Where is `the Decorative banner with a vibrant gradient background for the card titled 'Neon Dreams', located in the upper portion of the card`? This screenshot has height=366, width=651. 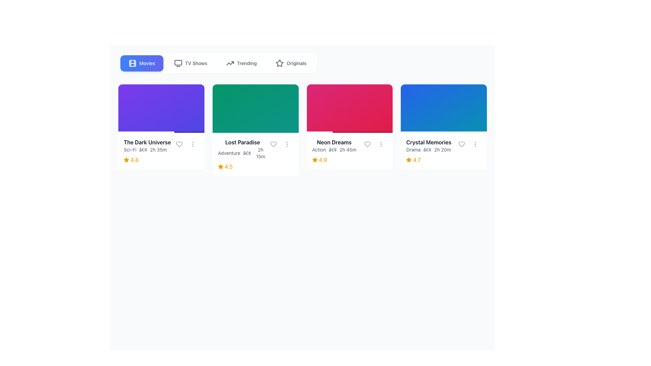
the Decorative banner with a vibrant gradient background for the card titled 'Neon Dreams', located in the upper portion of the card is located at coordinates (350, 108).